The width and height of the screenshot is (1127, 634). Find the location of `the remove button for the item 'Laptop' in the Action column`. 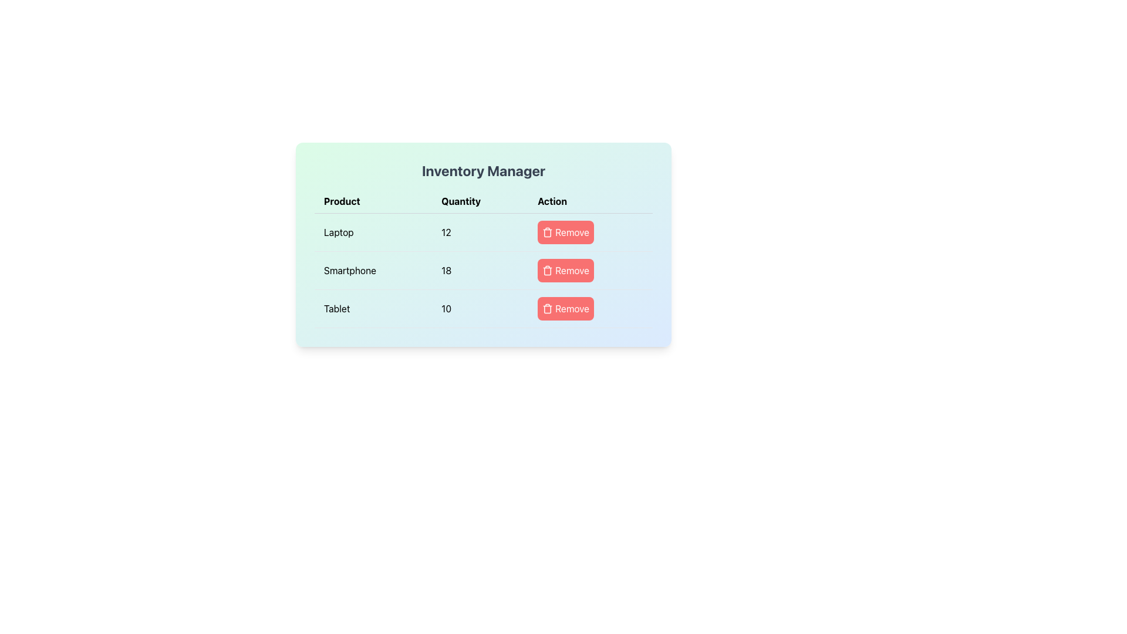

the remove button for the item 'Laptop' in the Action column is located at coordinates (566, 232).